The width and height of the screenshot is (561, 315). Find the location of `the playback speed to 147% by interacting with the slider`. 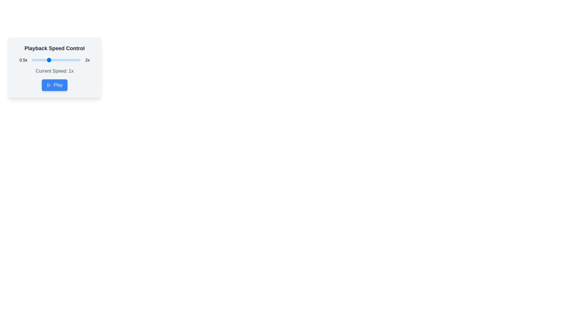

the playback speed to 147% by interacting with the slider is located at coordinates (63, 60).